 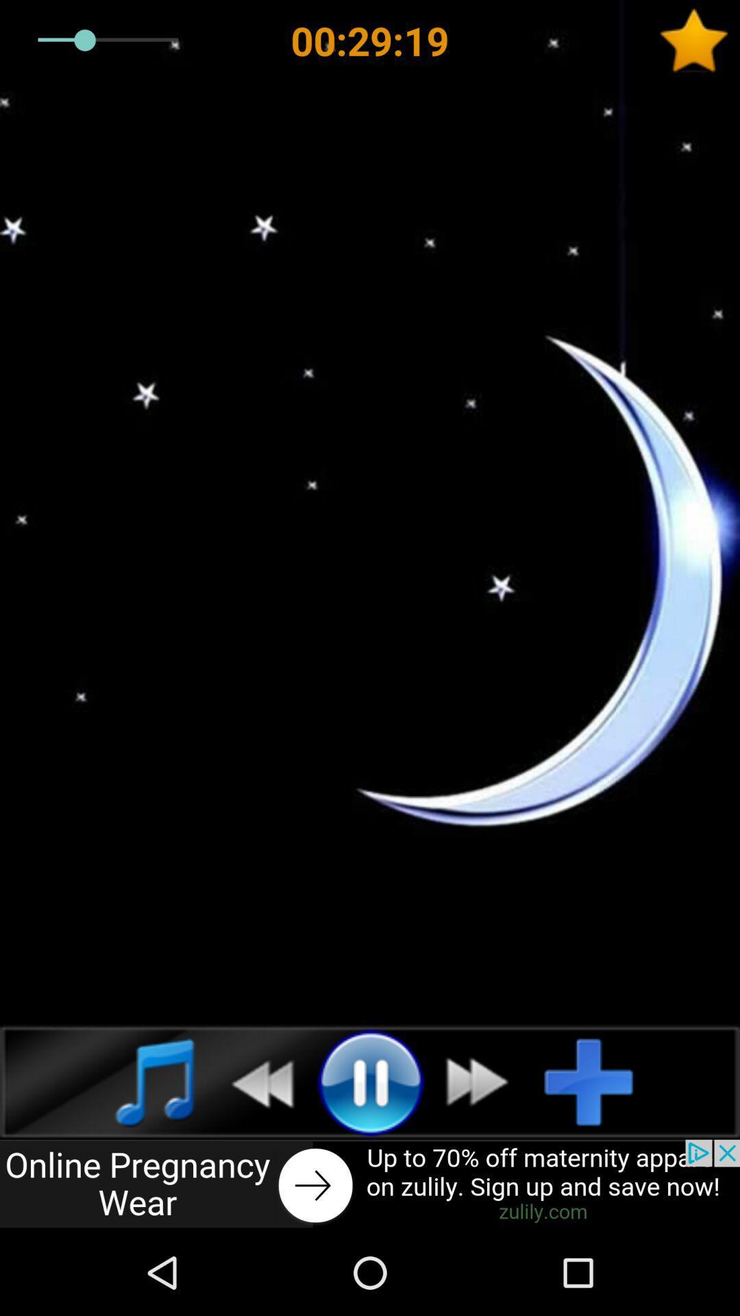 What do you see at coordinates (699, 40) in the screenshot?
I see `open favorites` at bounding box center [699, 40].